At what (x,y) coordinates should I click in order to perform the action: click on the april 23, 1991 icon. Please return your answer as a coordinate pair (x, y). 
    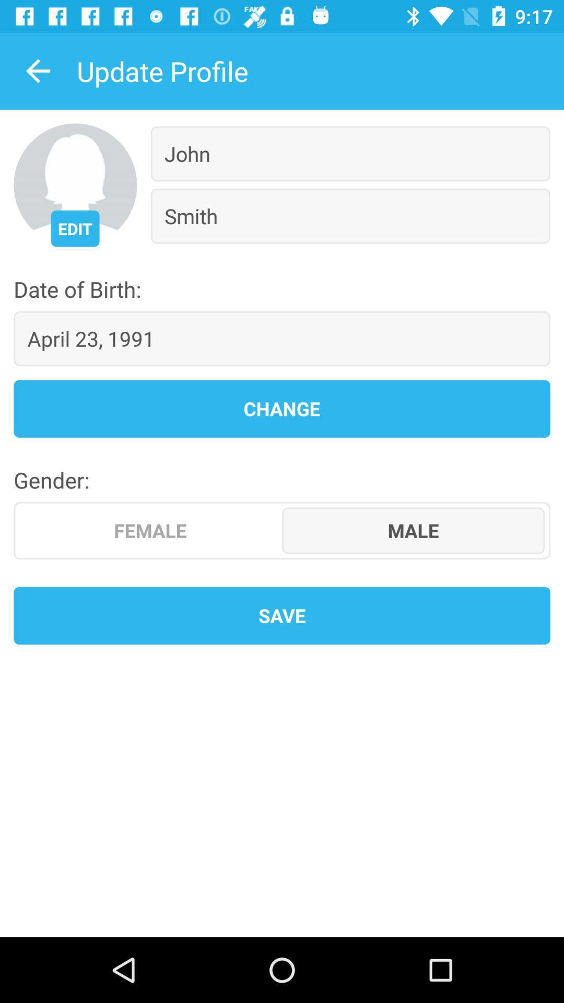
    Looking at the image, I should click on (282, 339).